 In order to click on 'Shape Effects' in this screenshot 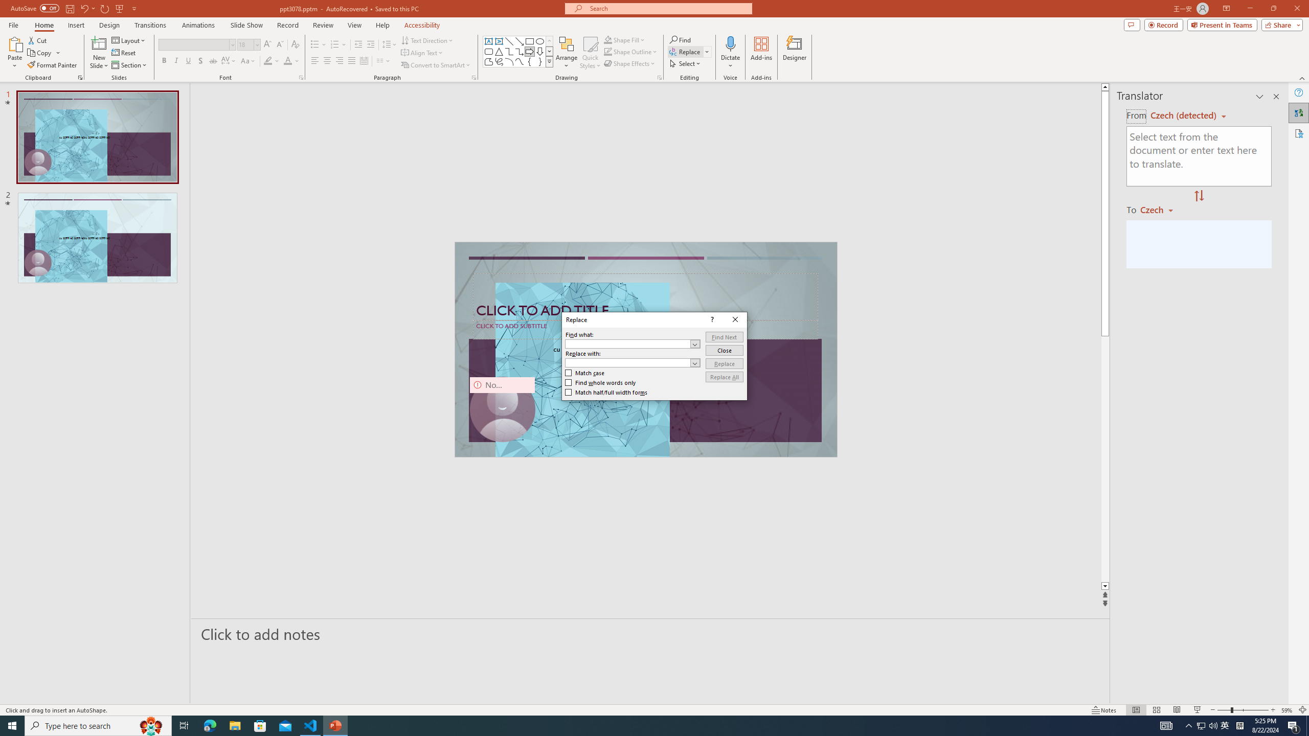, I will do `click(629, 62)`.